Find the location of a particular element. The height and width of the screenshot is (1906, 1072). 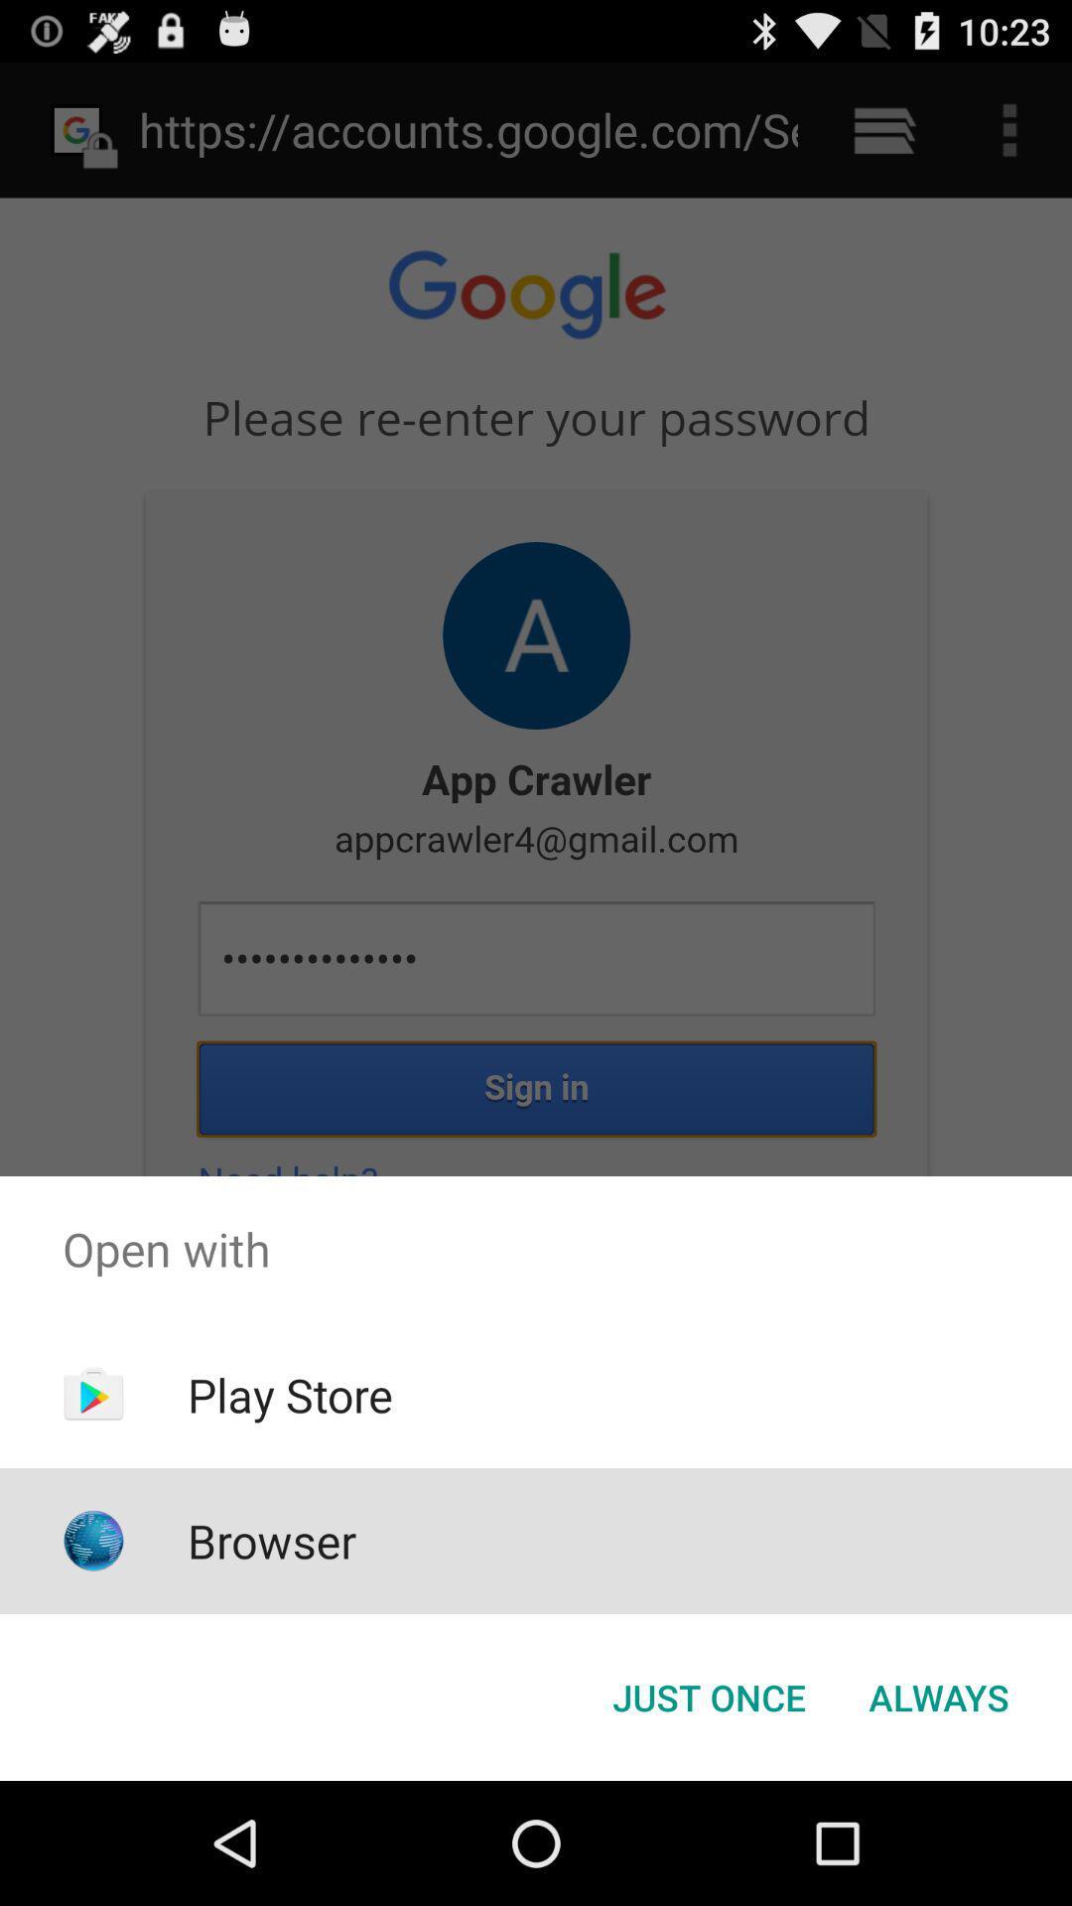

always at the bottom right corner is located at coordinates (938, 1696).